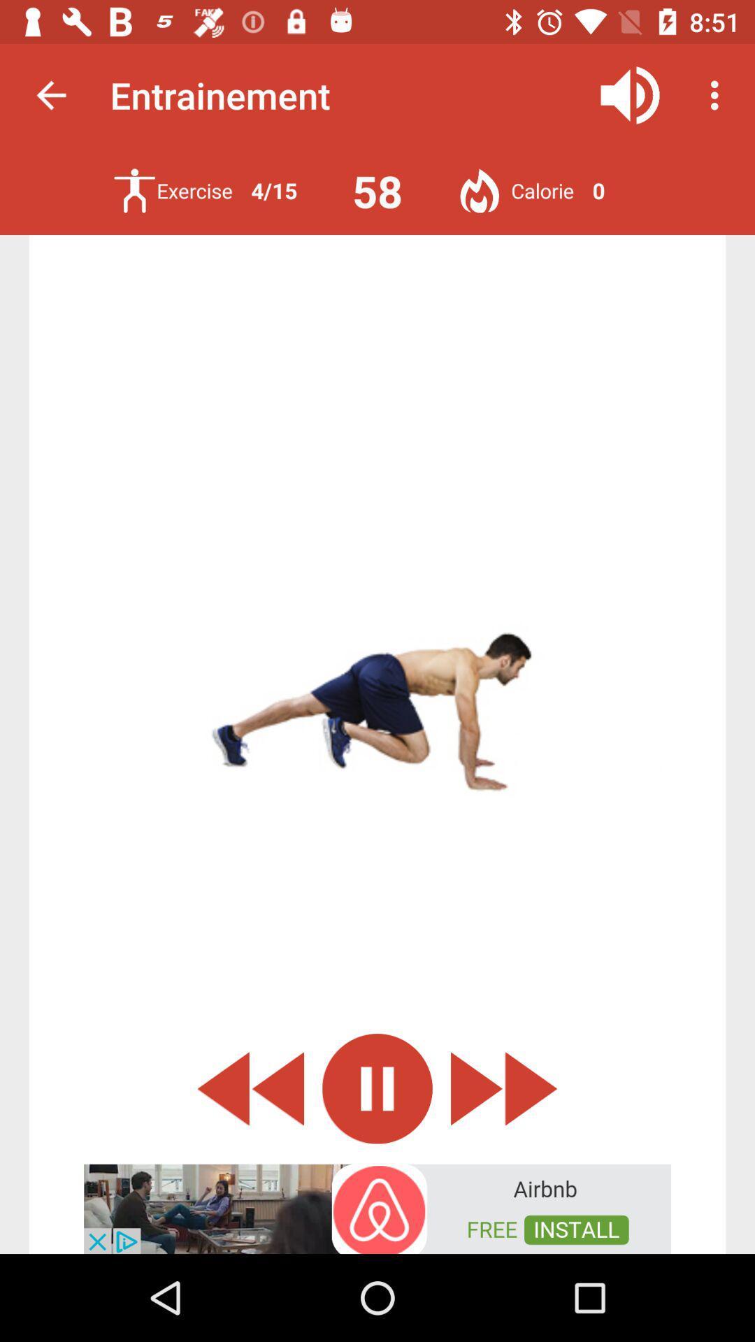  I want to click on back button, so click(250, 1088).